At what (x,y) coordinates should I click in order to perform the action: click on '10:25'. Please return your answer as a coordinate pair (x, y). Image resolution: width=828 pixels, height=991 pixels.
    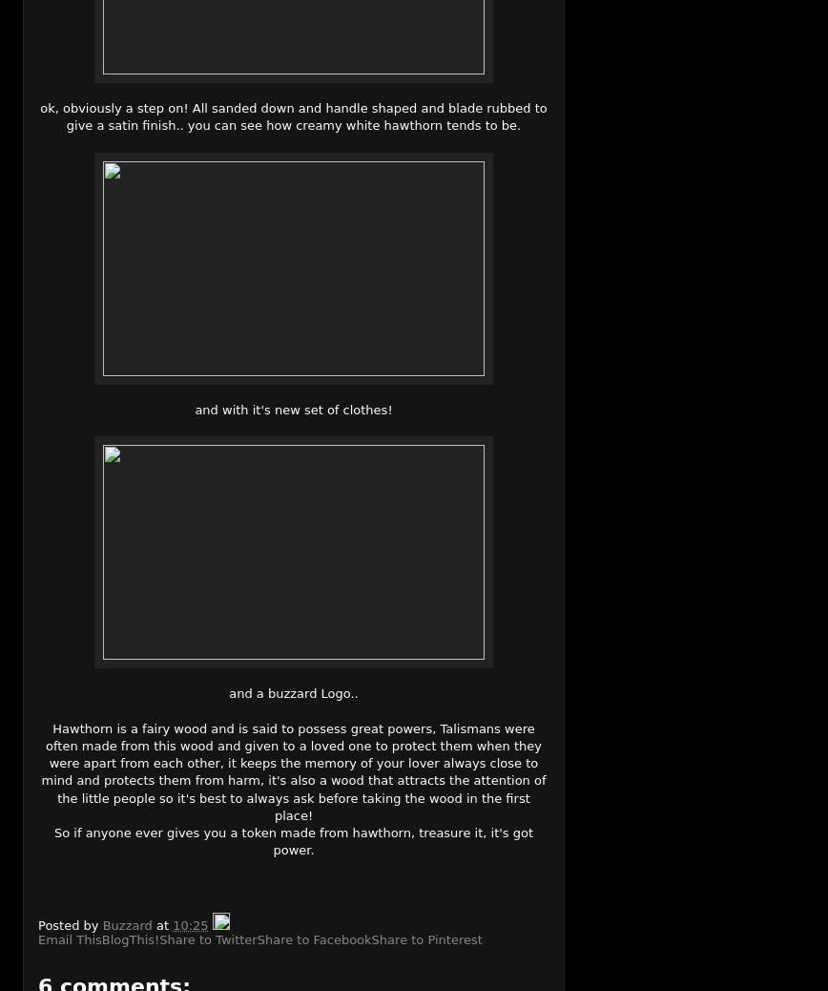
    Looking at the image, I should click on (190, 925).